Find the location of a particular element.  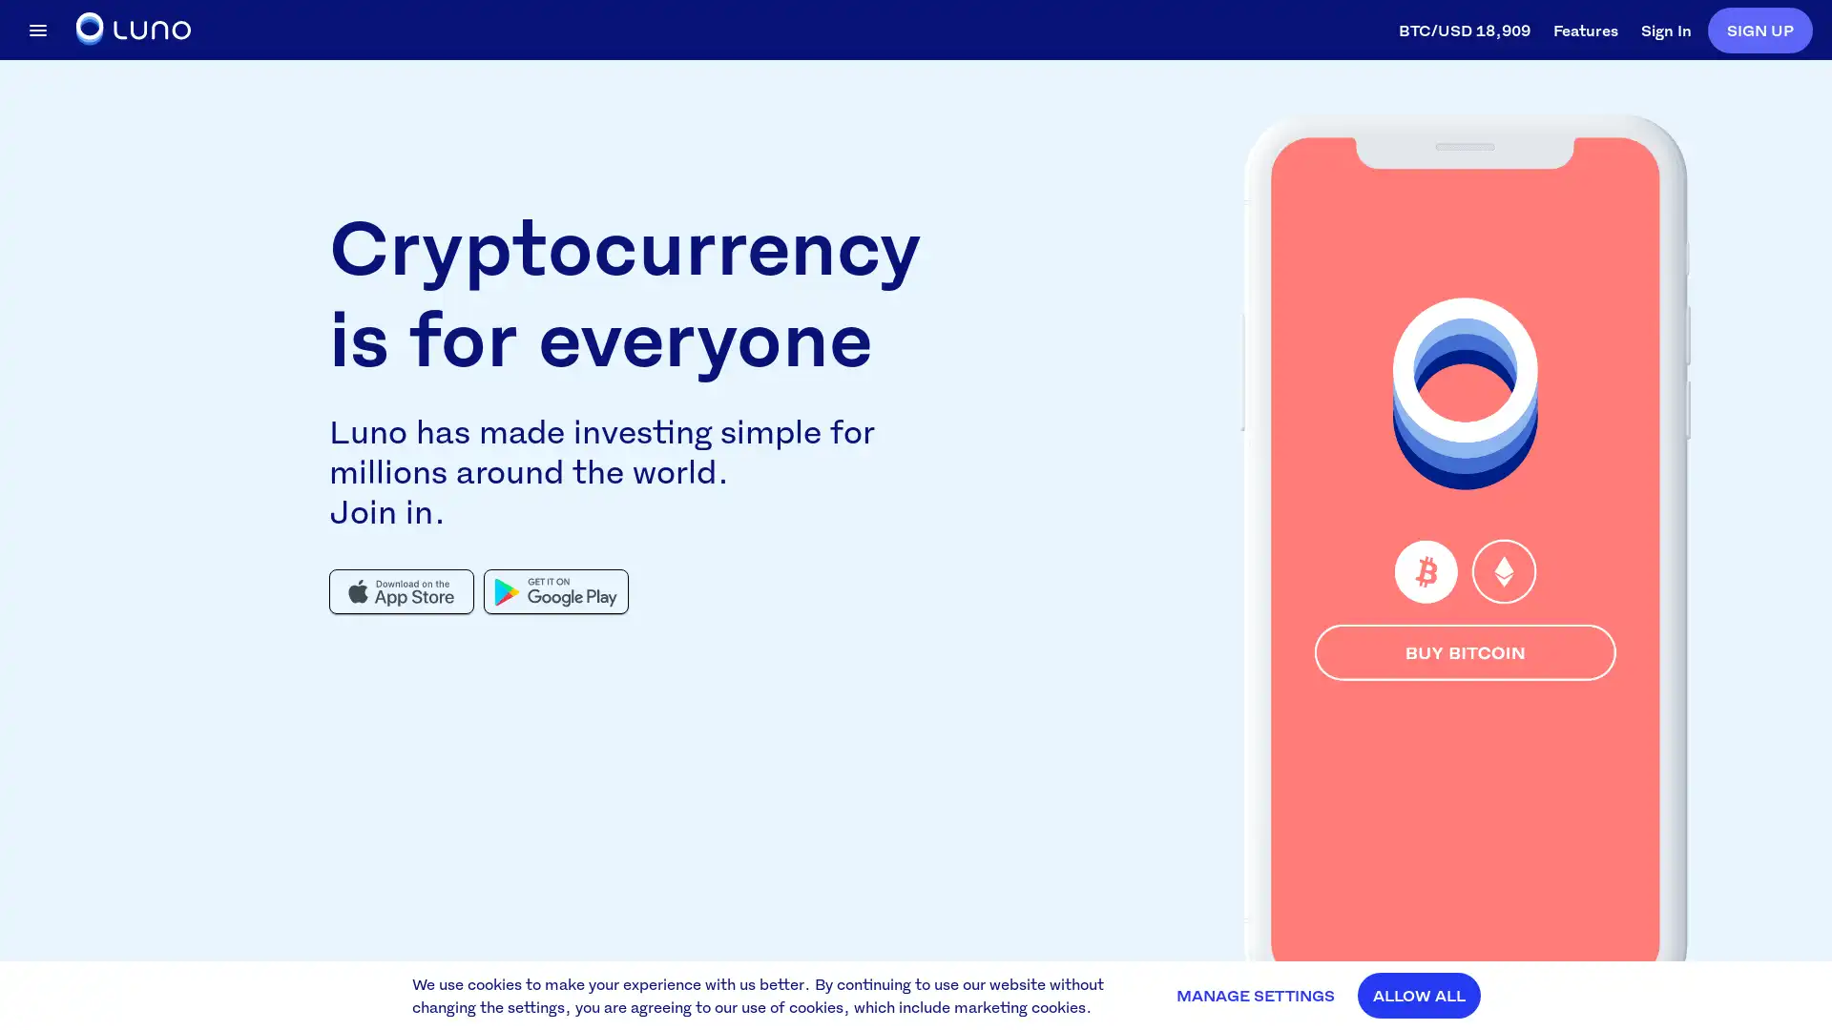

SIGN UP is located at coordinates (1759, 29).